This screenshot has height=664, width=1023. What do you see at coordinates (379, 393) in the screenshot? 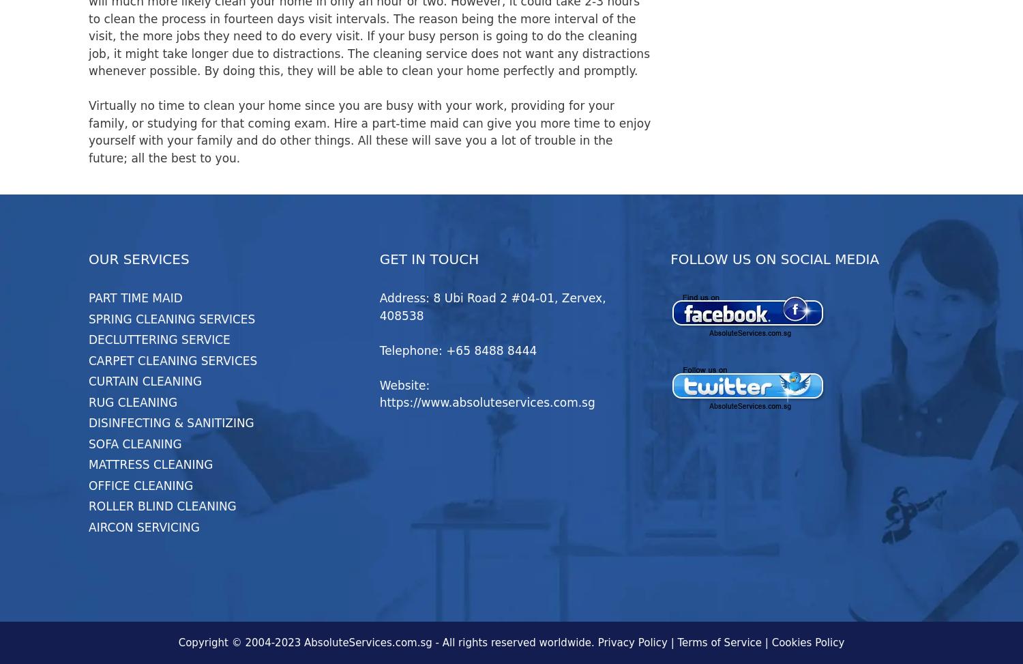
I see `'Website: https://www.absoluteservices.com.sg'` at bounding box center [379, 393].